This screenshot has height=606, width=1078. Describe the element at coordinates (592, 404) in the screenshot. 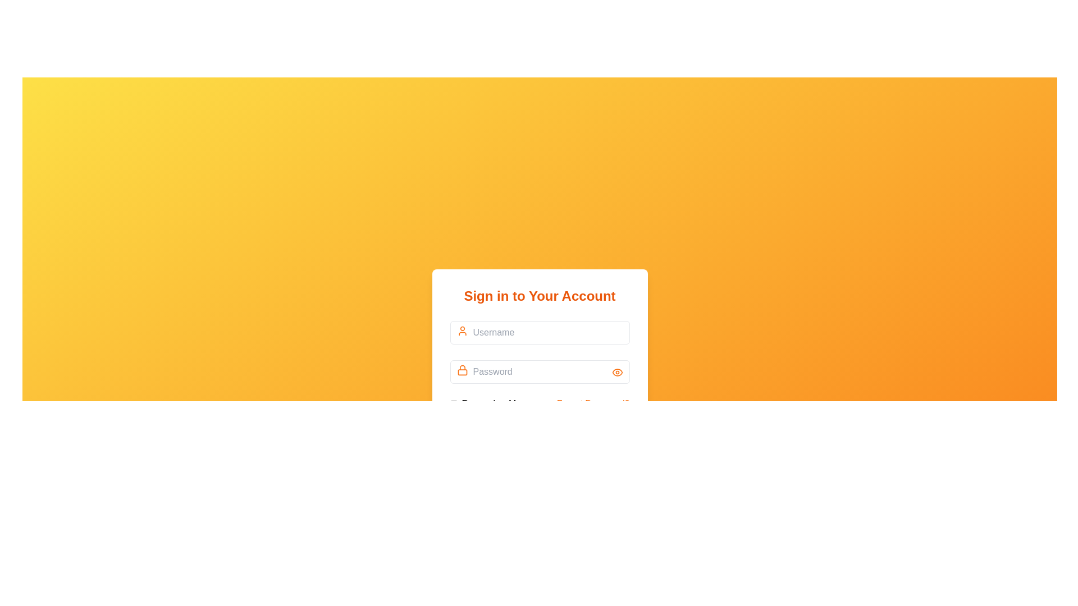

I see `the 'Forgot Password?' hyperlink in the login form for keyboard navigation` at that location.